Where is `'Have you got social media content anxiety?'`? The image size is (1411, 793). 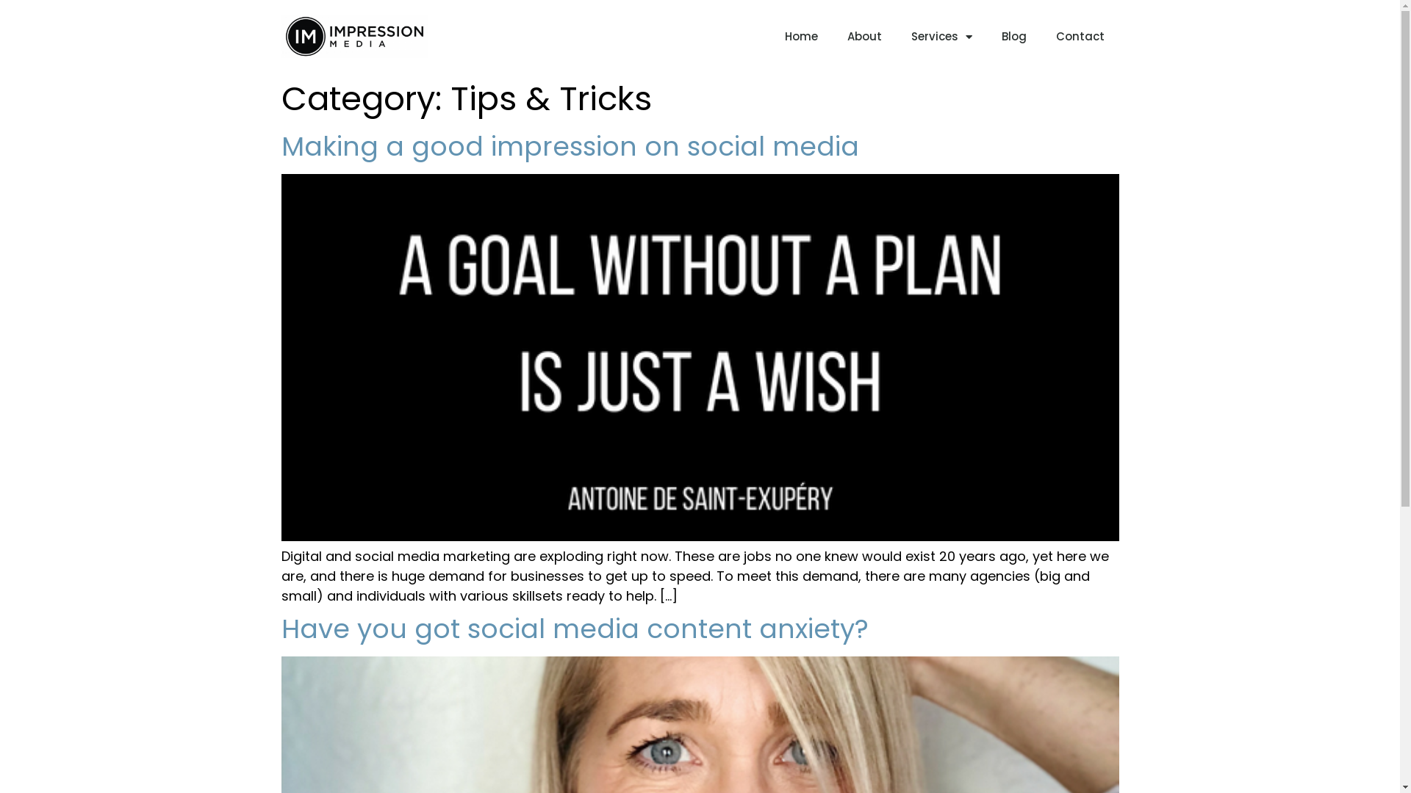 'Have you got social media content anxiety?' is located at coordinates (573, 628).